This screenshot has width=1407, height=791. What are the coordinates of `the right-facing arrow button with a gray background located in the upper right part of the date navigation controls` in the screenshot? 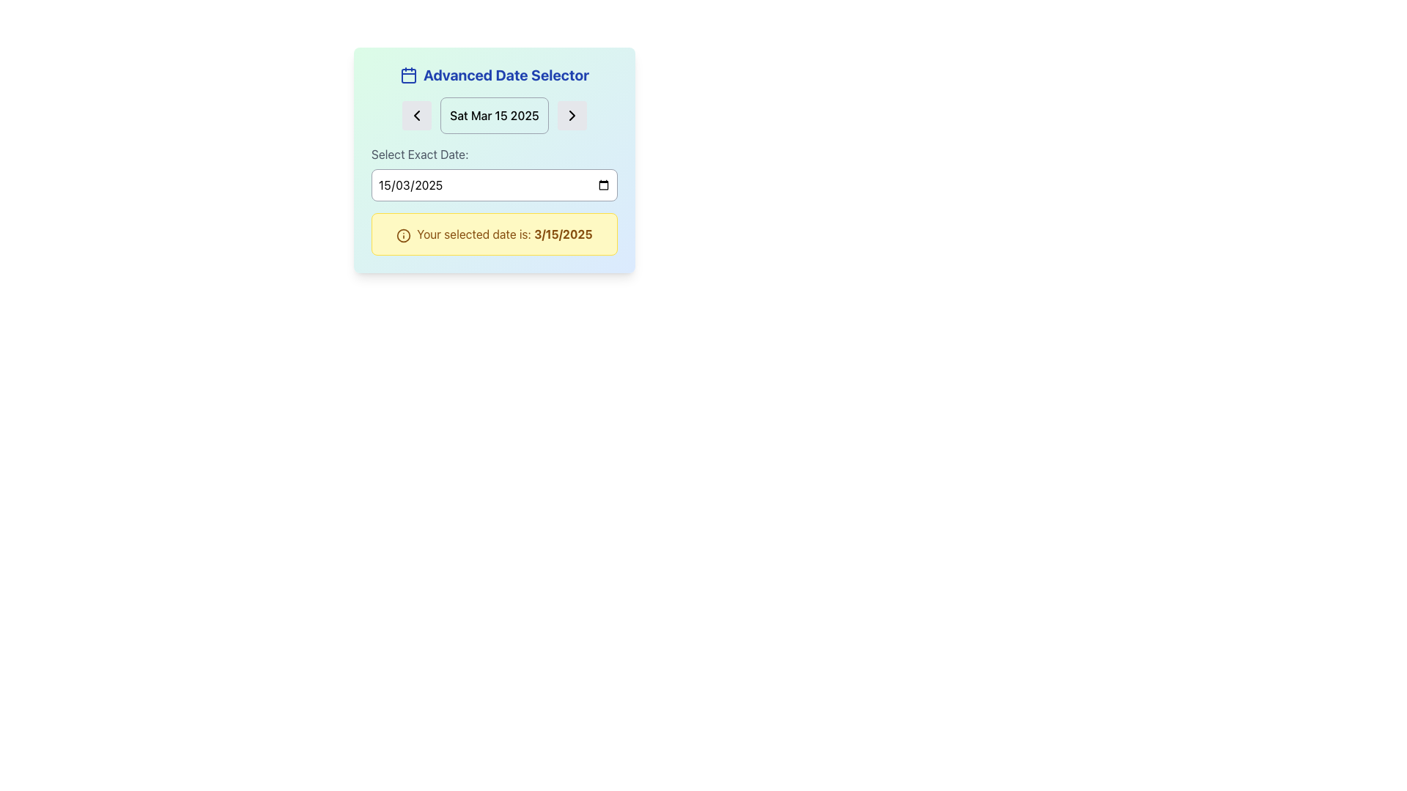 It's located at (571, 115).